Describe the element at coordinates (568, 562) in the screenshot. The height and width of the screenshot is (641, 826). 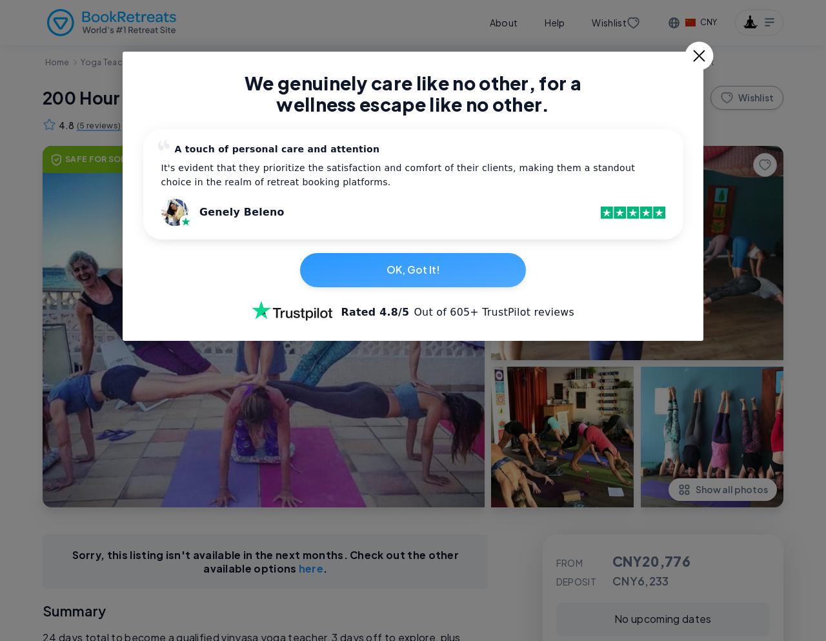
I see `'From'` at that location.